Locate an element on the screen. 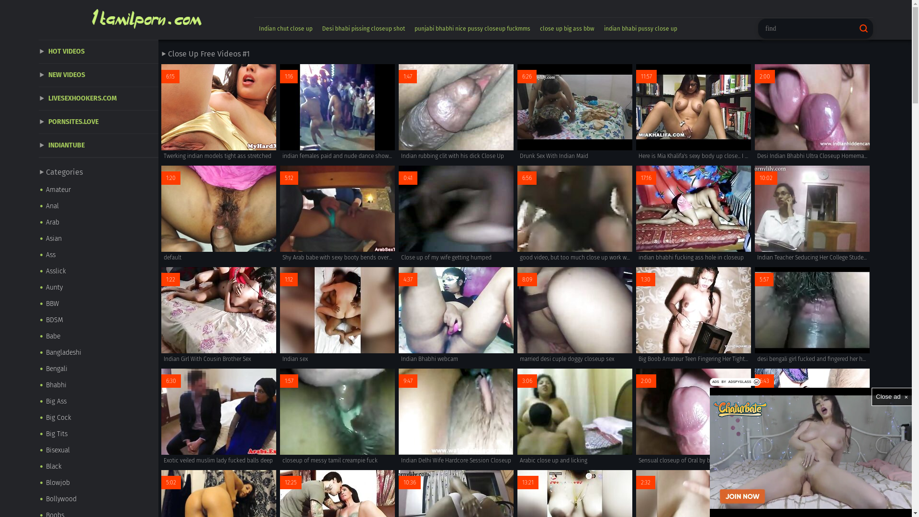 This screenshot has height=517, width=919. '6:30 is located at coordinates (161, 416).